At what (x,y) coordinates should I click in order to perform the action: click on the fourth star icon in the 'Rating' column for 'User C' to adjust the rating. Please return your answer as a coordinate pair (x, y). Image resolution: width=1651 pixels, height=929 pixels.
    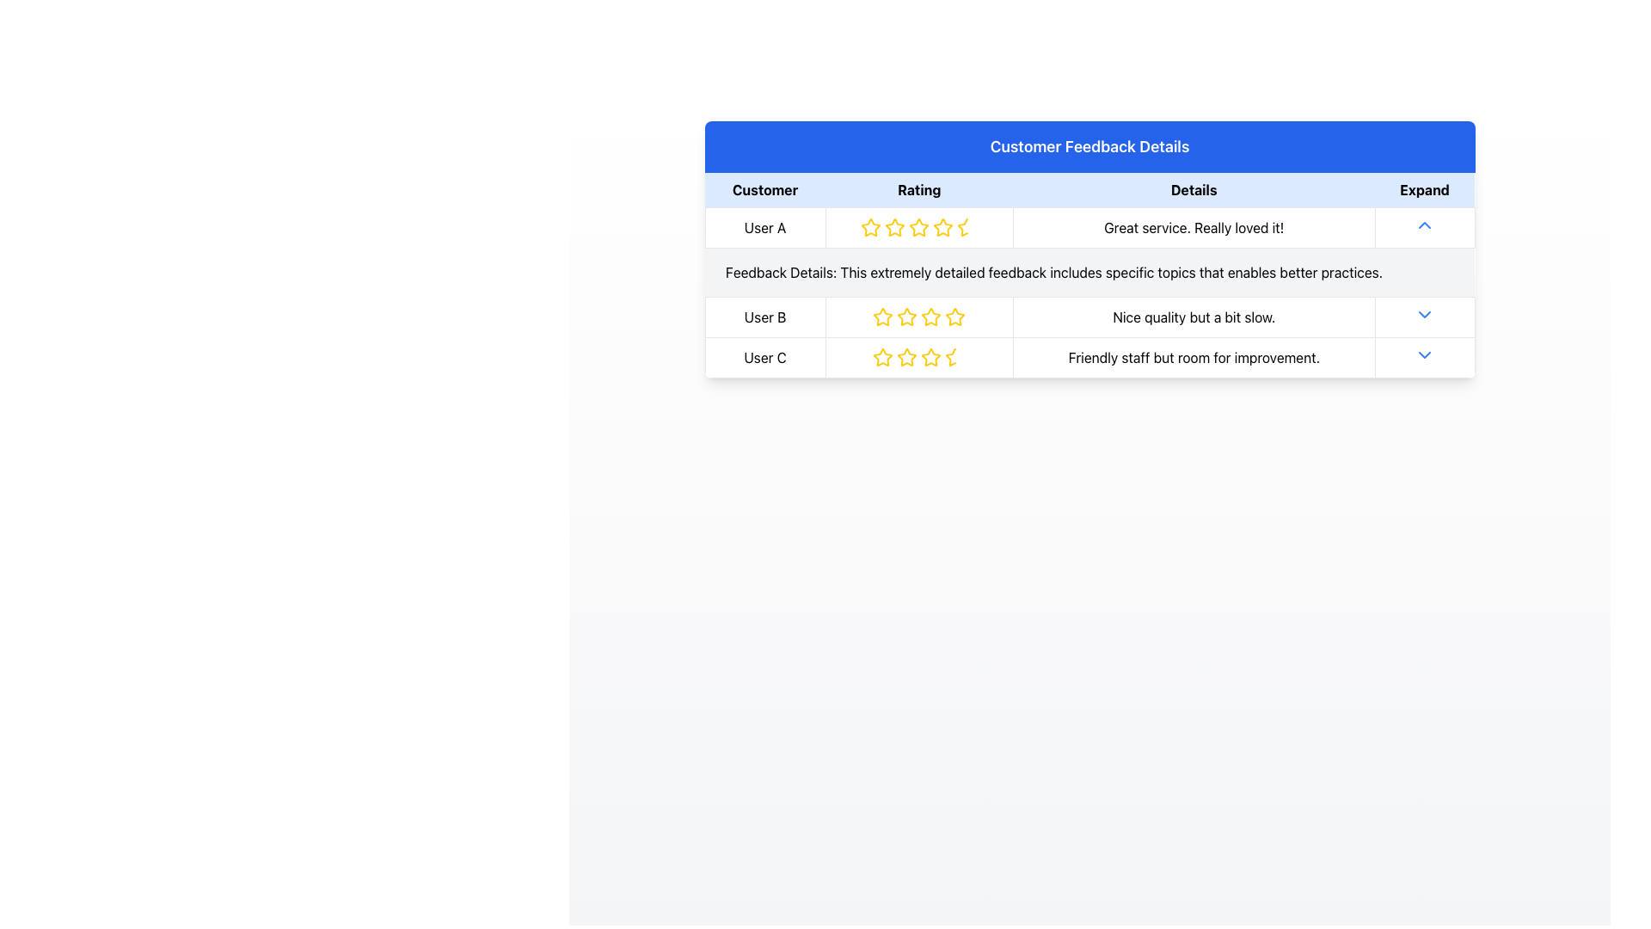
    Looking at the image, I should click on (906, 356).